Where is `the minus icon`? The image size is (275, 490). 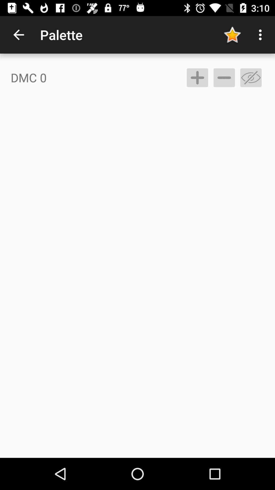
the minus icon is located at coordinates (224, 77).